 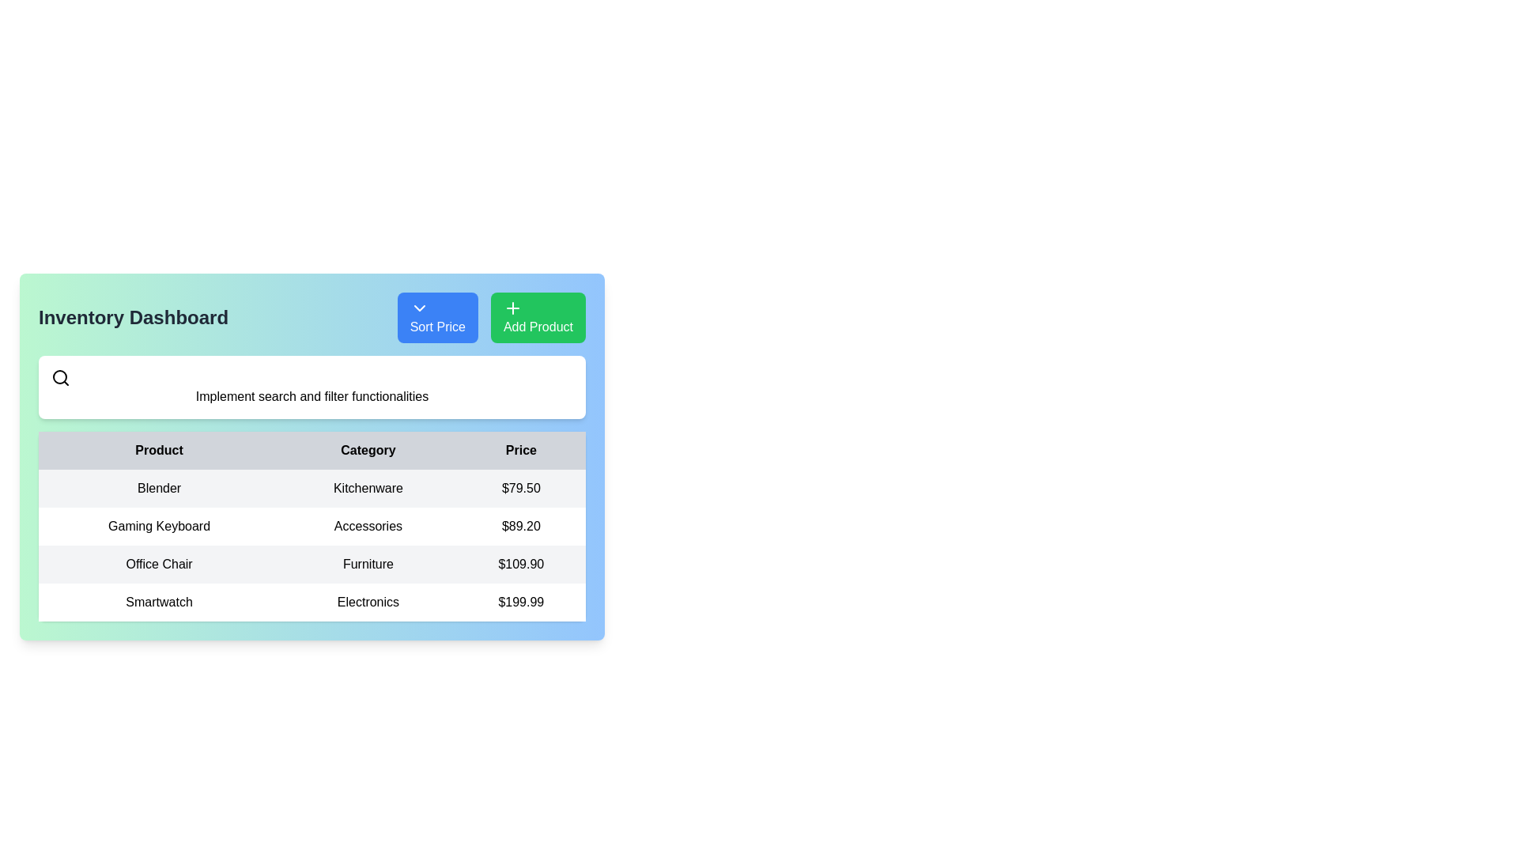 I want to click on within the inventory management table to interact with specific items, so click(x=312, y=457).